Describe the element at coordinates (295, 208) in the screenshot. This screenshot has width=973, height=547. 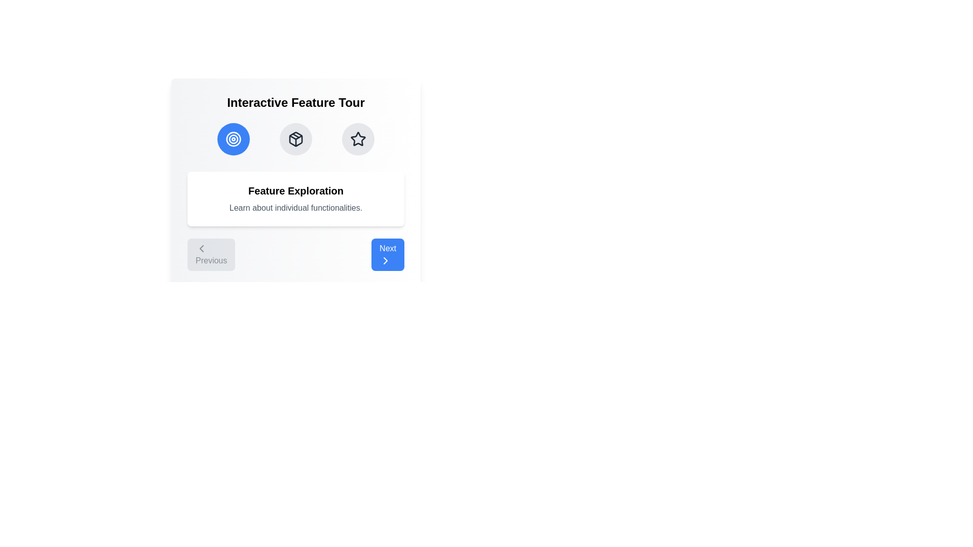
I see `the static gray text label providing additional descriptive information about the 'Feature Exploration' section` at that location.